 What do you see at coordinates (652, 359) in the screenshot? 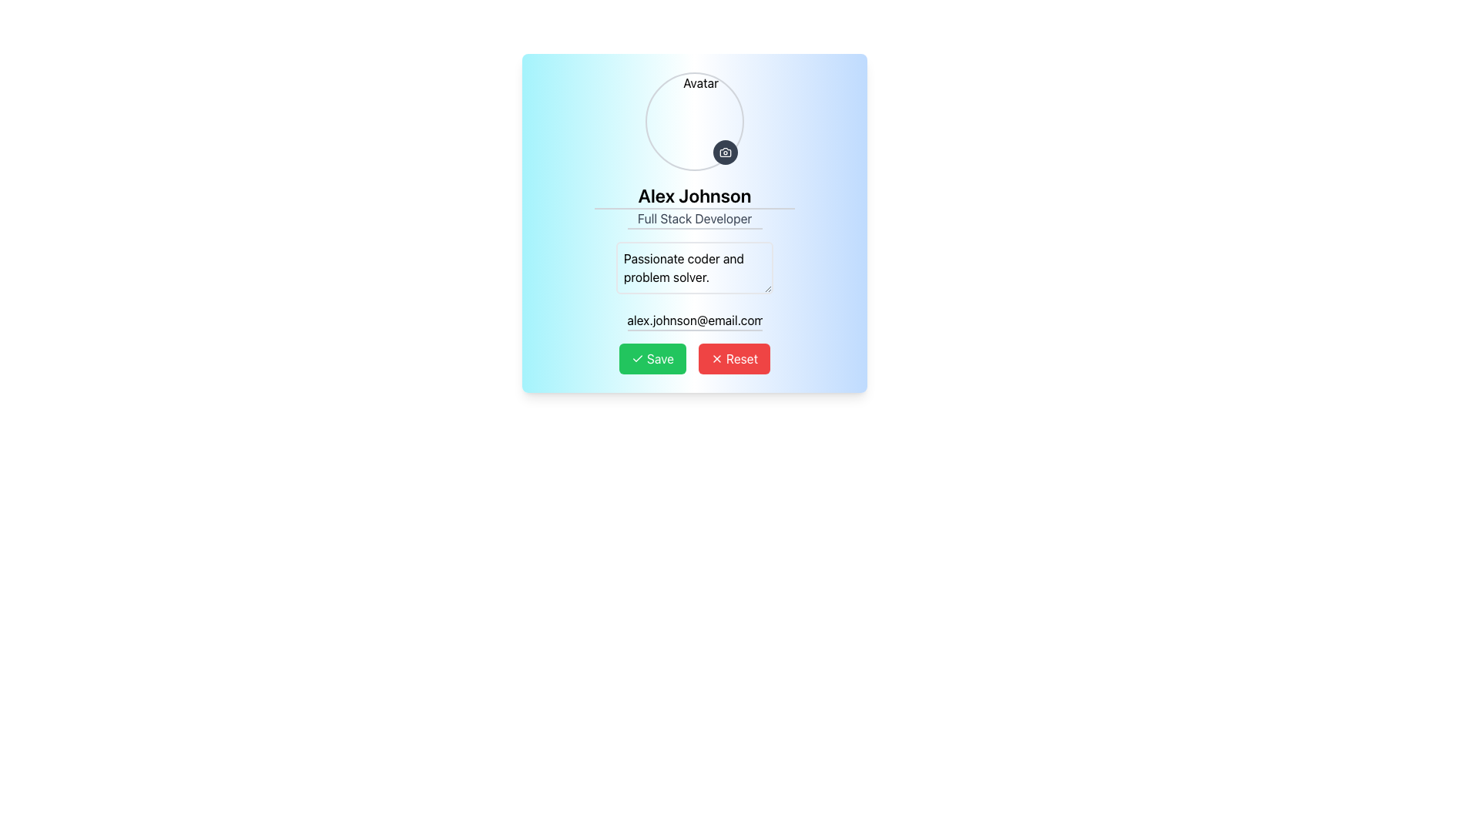
I see `the green rectangular 'Save' button with a checkmark icon` at bounding box center [652, 359].